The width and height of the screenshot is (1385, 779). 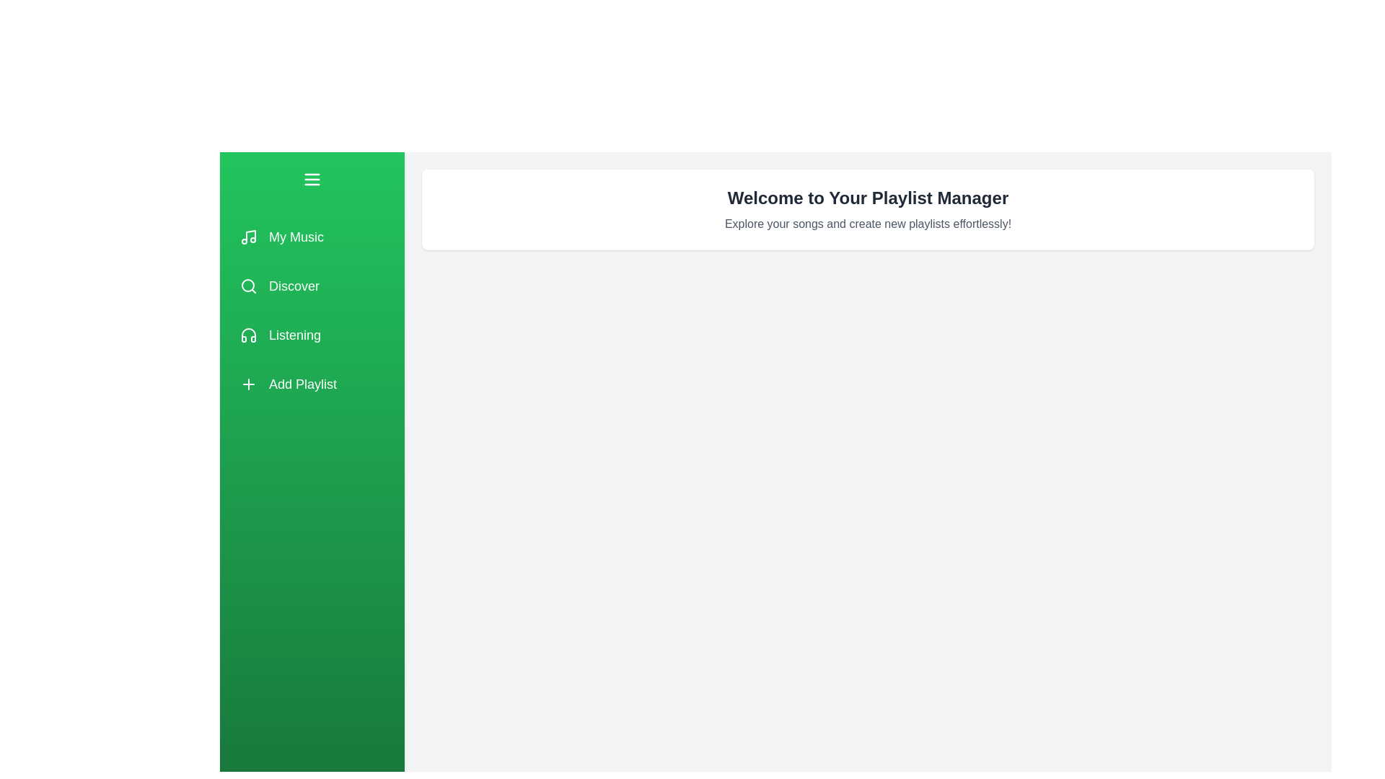 I want to click on the playlist option labeled Listening, so click(x=311, y=335).